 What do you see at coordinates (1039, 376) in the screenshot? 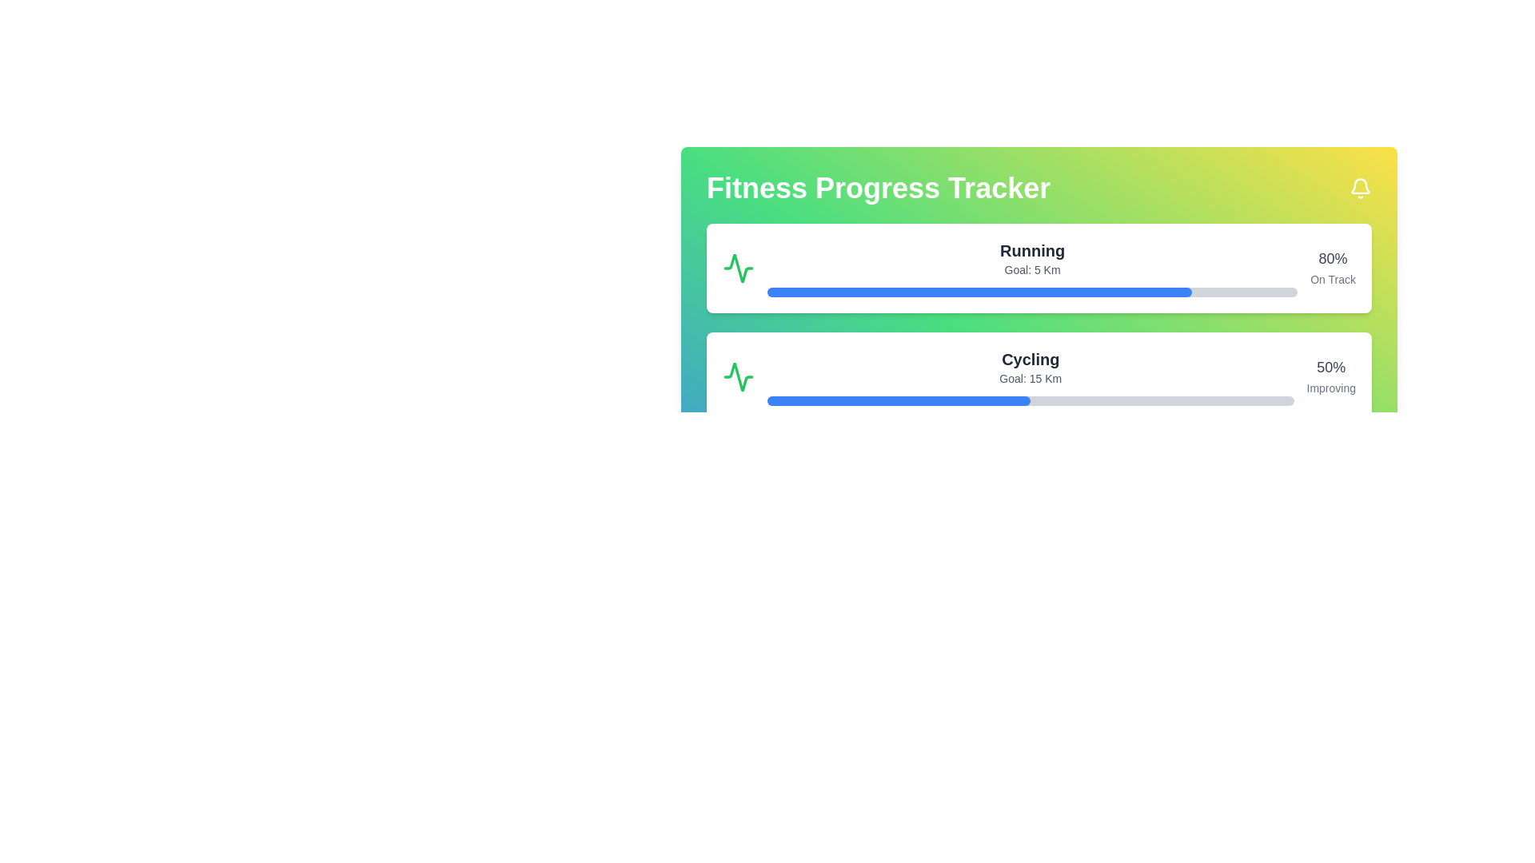
I see `text information from the Card component that visually represents the user's cycling fitness goal and progress, located directly below the 'Running' item in the vertical list` at bounding box center [1039, 376].